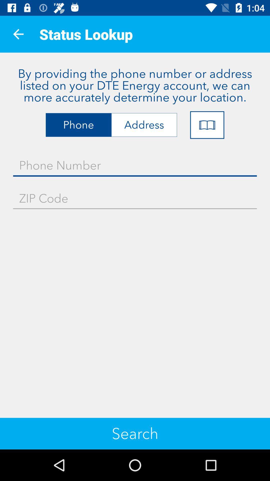 The width and height of the screenshot is (270, 481). Describe the element at coordinates (207, 125) in the screenshot. I see `item below the by providing the` at that location.